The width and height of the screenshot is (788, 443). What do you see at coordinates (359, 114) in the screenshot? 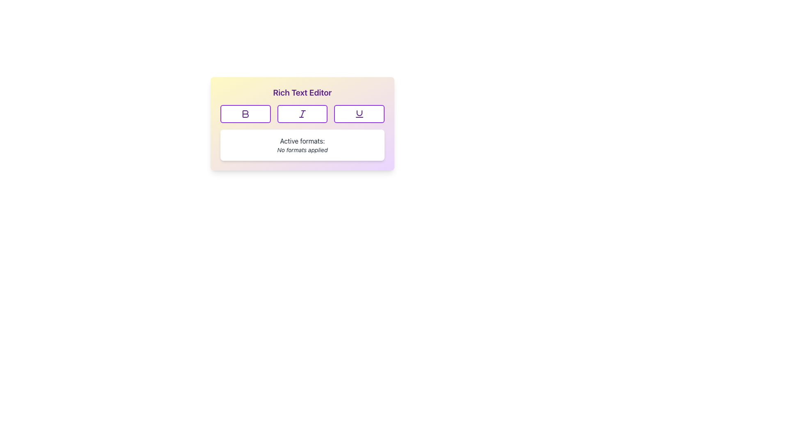
I see `the underline formatting IconButton in the Rich Text Editor toolbar` at bounding box center [359, 114].